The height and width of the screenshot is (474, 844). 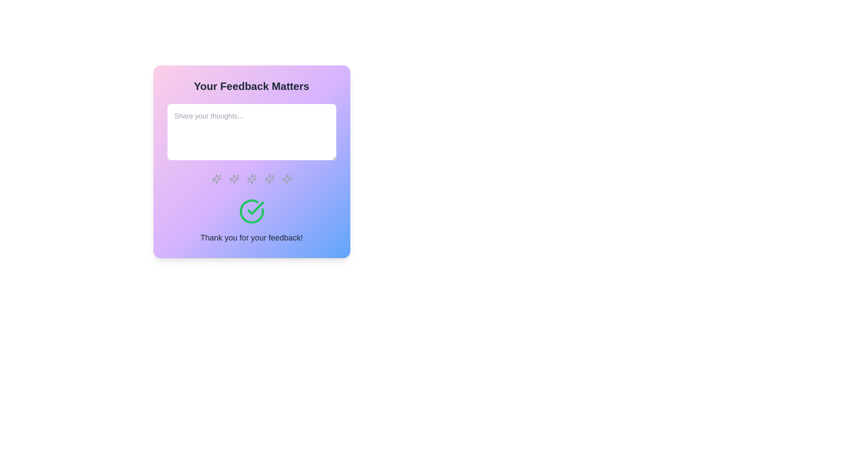 What do you see at coordinates (251, 162) in the screenshot?
I see `the rating icons on the Feedback card located in the center of the interface, which allows users to provide feedback through ratings` at bounding box center [251, 162].